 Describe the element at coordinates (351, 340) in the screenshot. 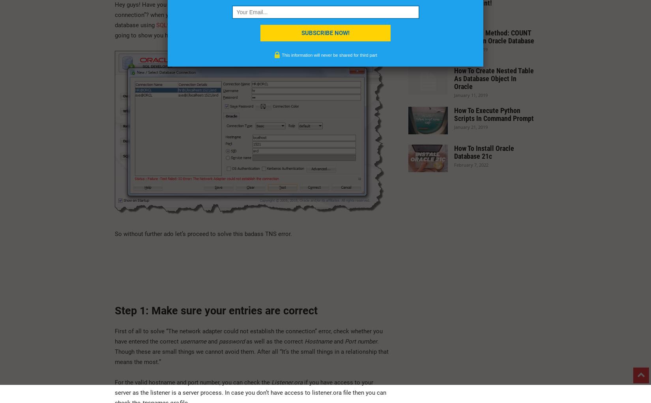

I see `'Port'` at that location.